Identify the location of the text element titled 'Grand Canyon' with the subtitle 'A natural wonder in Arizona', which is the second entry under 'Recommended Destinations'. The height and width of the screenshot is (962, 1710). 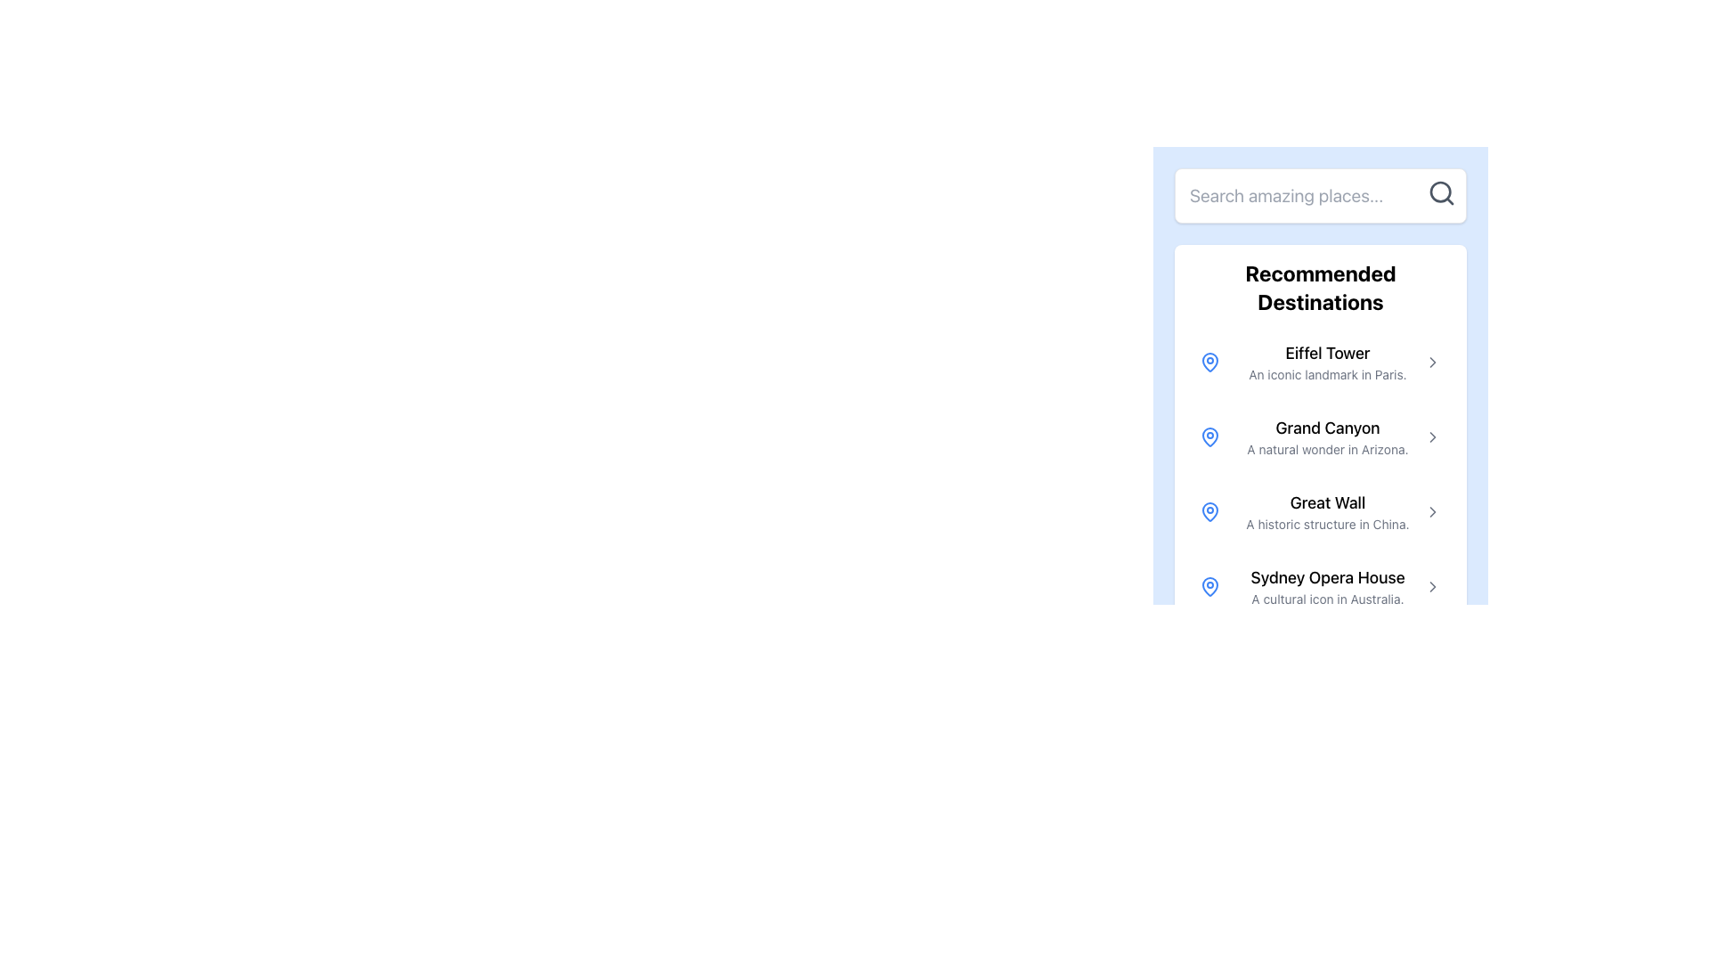
(1328, 436).